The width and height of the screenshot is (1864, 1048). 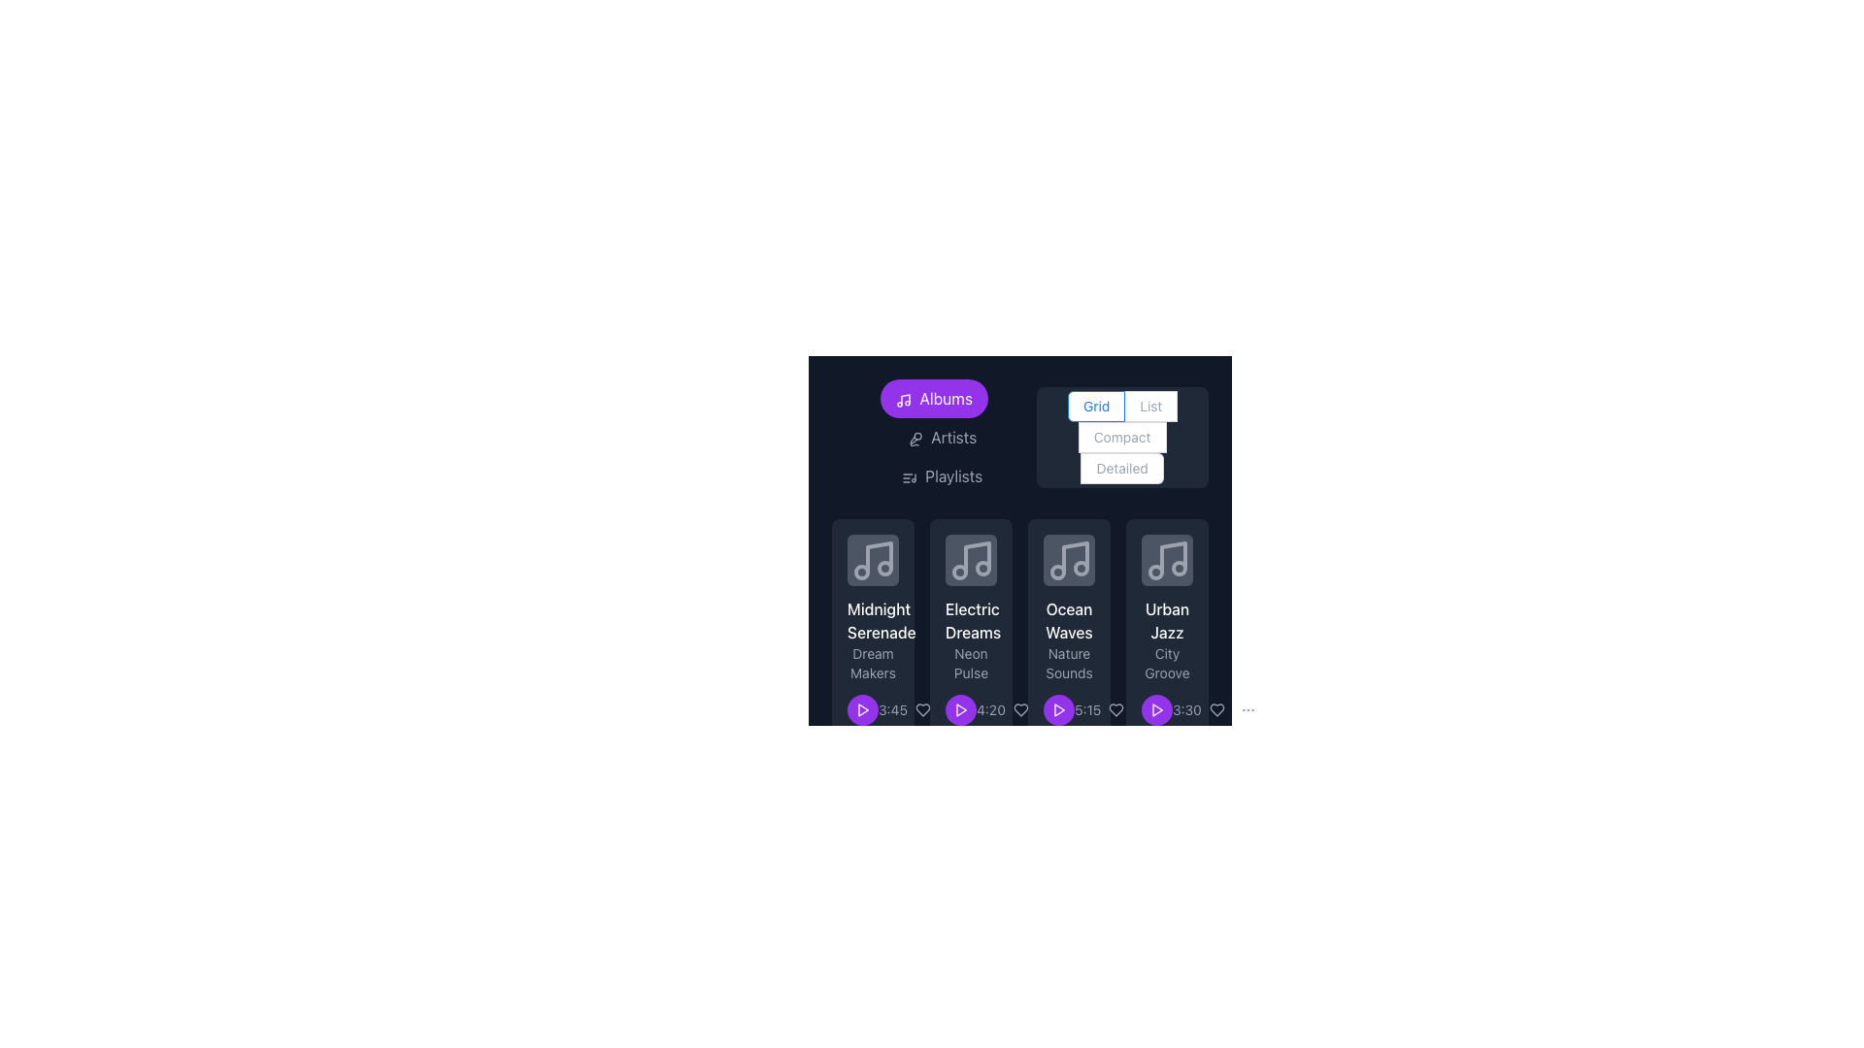 What do you see at coordinates (1096, 406) in the screenshot?
I see `the first radio button` at bounding box center [1096, 406].